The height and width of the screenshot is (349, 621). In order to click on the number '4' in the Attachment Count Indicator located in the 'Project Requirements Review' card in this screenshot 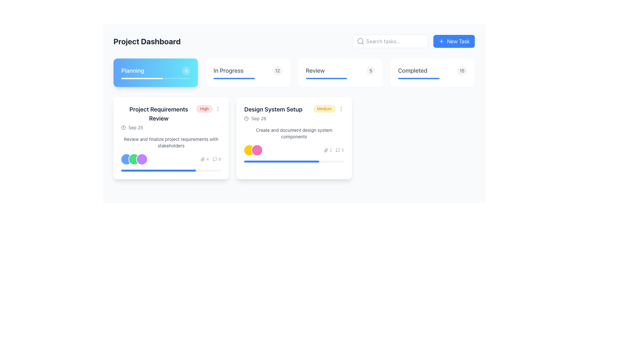, I will do `click(204, 159)`.